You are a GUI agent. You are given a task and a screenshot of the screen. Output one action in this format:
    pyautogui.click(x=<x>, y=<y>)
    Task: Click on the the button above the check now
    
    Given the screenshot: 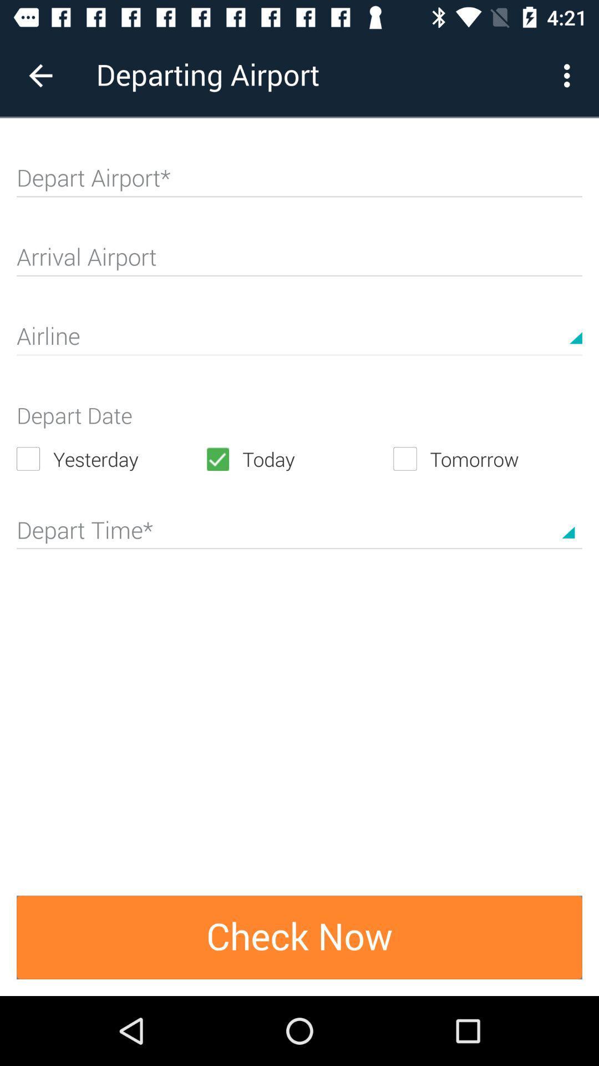 What is the action you would take?
    pyautogui.click(x=299, y=526)
    